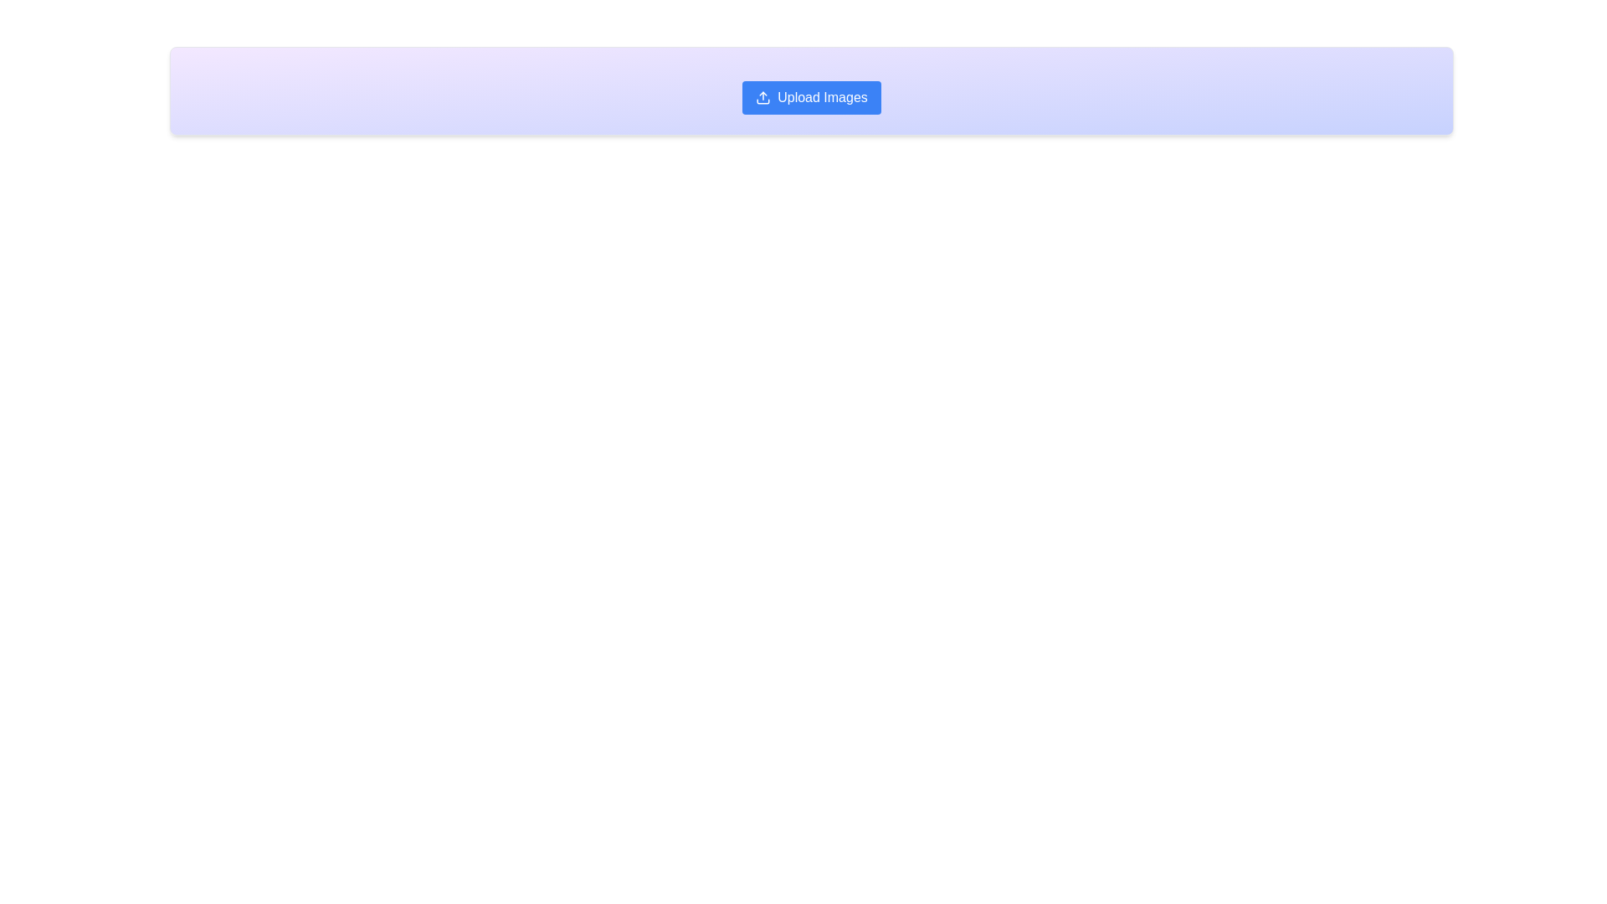 Image resolution: width=1607 pixels, height=904 pixels. I want to click on the upload icon located to the left of the 'Upload Images' button in the blue toolbar at the top of the interface, so click(762, 97).